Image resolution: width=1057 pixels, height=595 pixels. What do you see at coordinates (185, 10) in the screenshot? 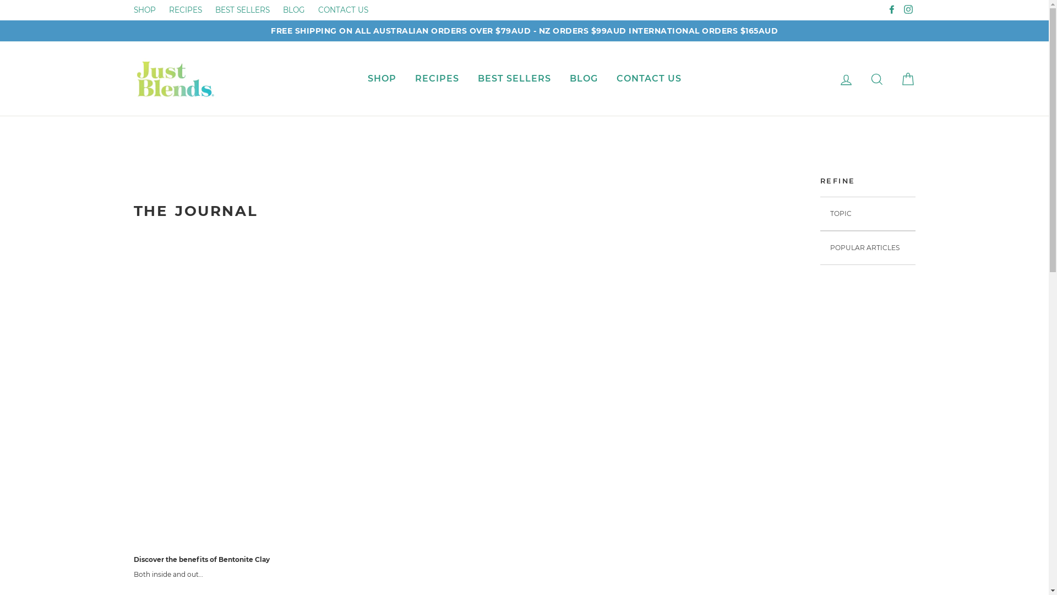
I see `'RECIPES'` at bounding box center [185, 10].